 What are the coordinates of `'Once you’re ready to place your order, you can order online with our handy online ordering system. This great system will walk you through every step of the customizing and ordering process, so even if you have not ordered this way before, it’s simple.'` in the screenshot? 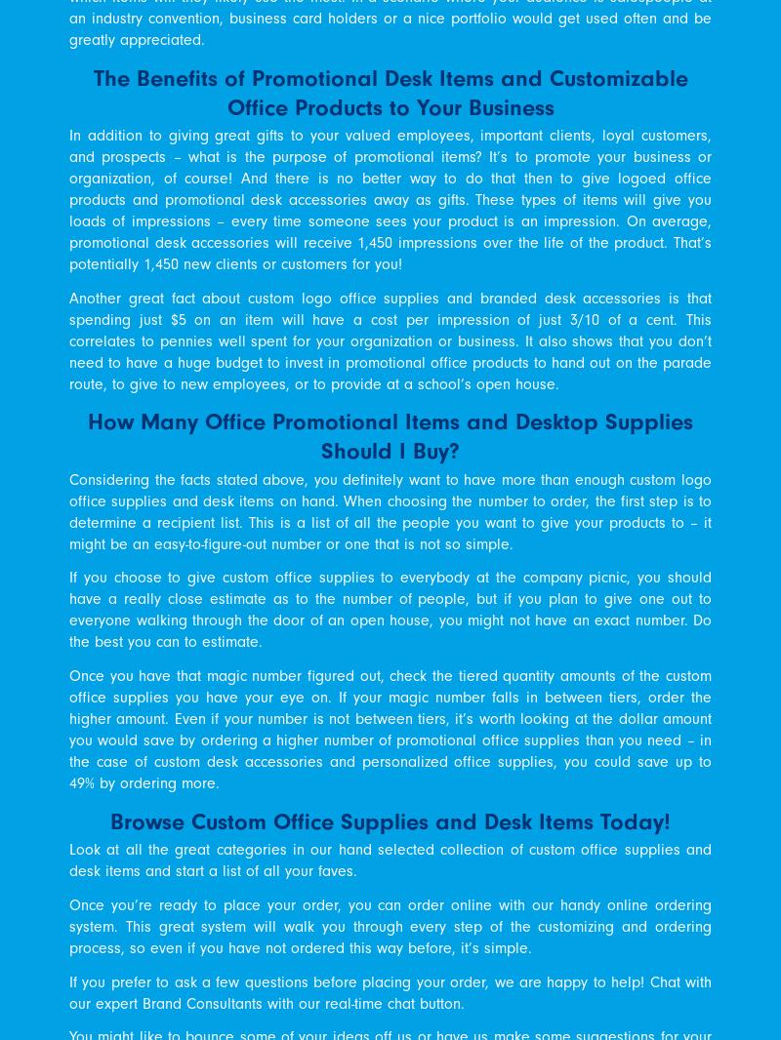 It's located at (68, 925).